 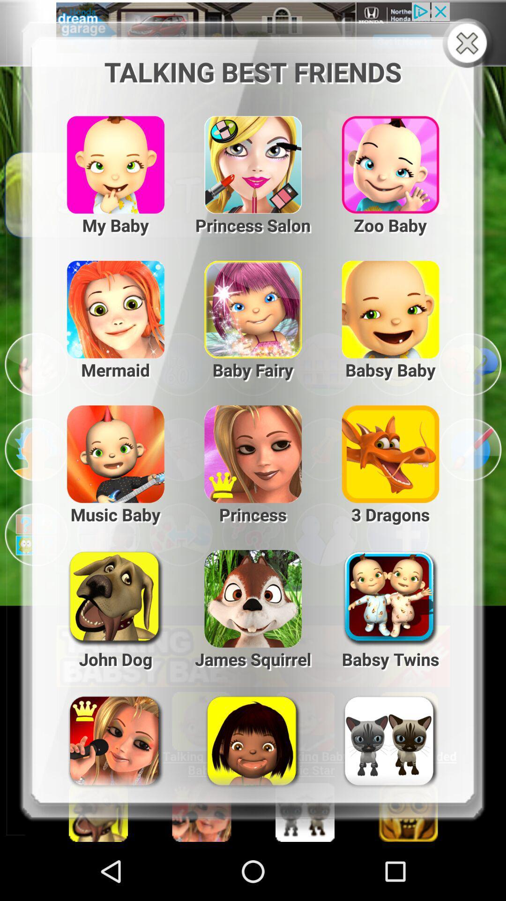 I want to click on the close icon, so click(x=469, y=47).